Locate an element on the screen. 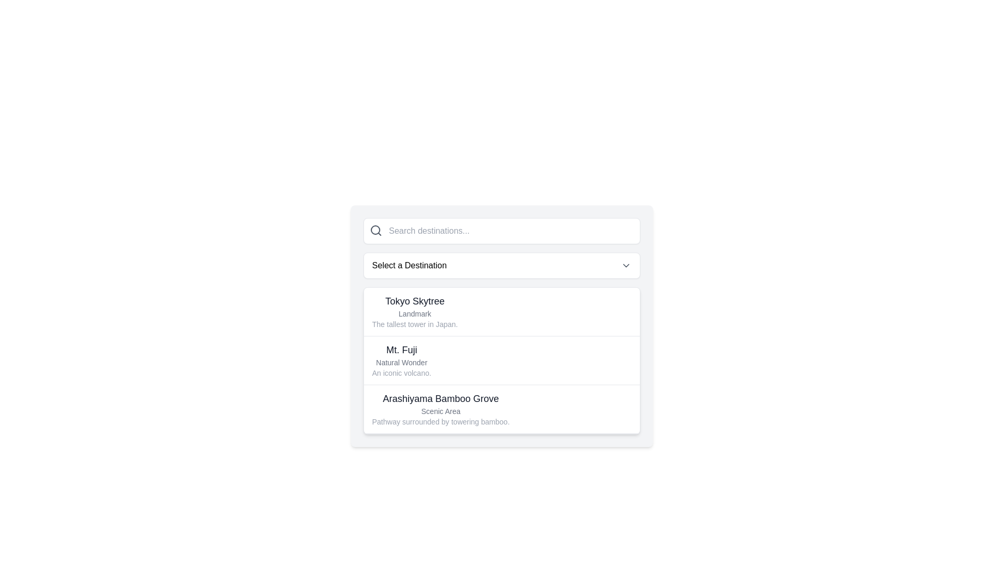 This screenshot has width=1007, height=566. the first list item labeled 'Tokyo Skytree' is located at coordinates (414, 311).